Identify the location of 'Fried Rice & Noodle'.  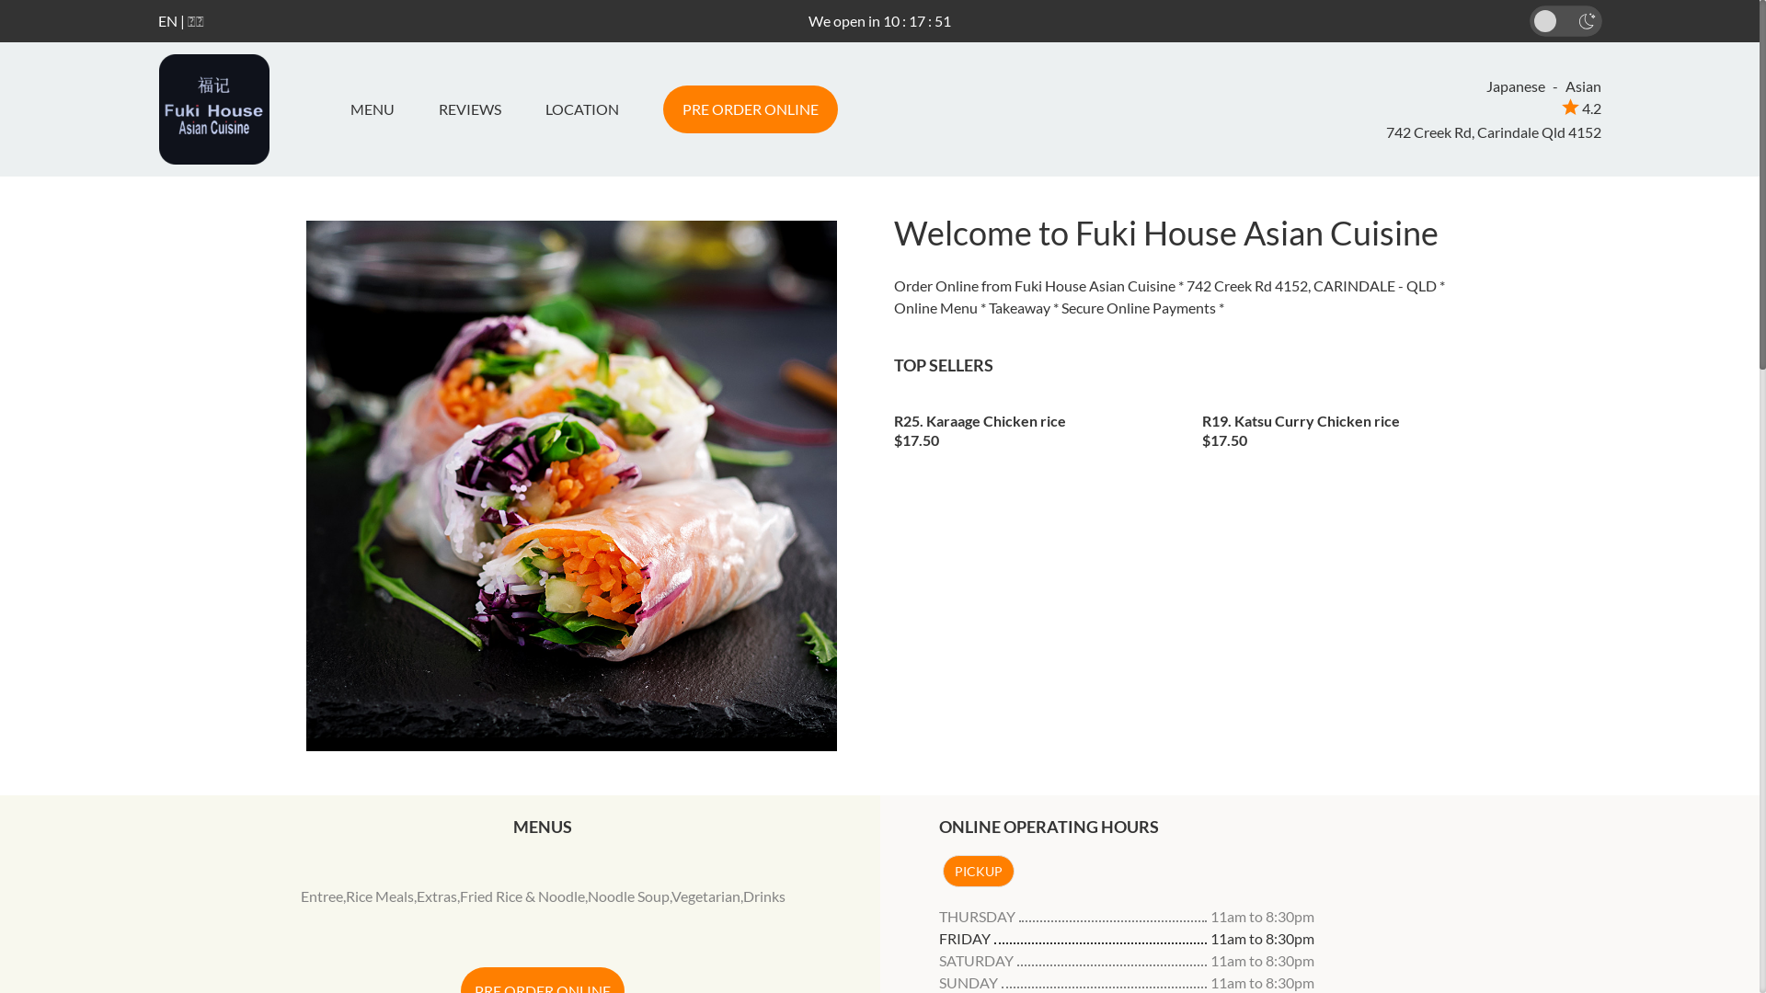
(521, 895).